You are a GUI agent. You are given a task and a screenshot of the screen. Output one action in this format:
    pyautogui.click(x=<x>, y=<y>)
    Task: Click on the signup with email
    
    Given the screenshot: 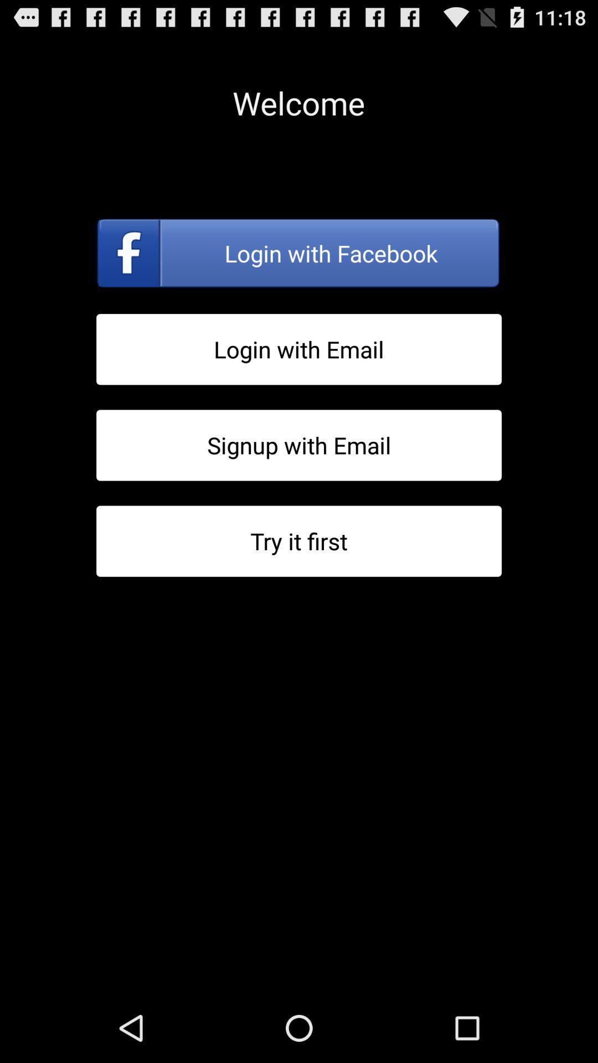 What is the action you would take?
    pyautogui.click(x=299, y=445)
    